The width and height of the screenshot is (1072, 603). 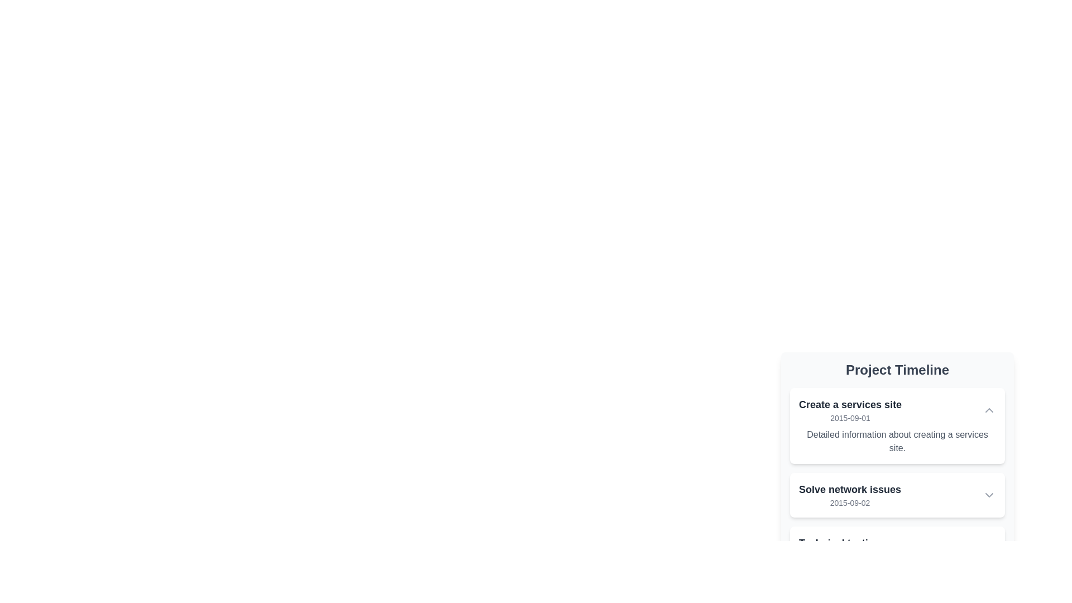 What do you see at coordinates (897, 410) in the screenshot?
I see `the title of the Collapsible List Header` at bounding box center [897, 410].